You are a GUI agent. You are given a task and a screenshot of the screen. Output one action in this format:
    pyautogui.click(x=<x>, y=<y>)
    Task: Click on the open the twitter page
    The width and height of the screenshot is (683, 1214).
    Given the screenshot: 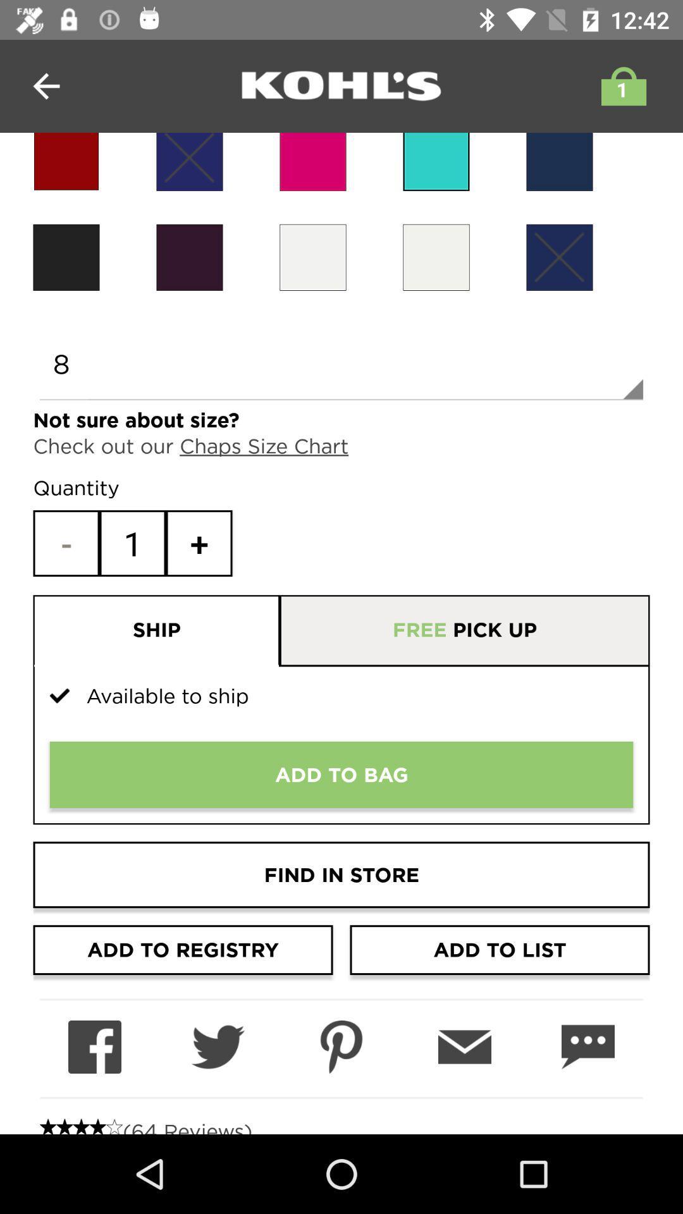 What is the action you would take?
    pyautogui.click(x=217, y=1047)
    